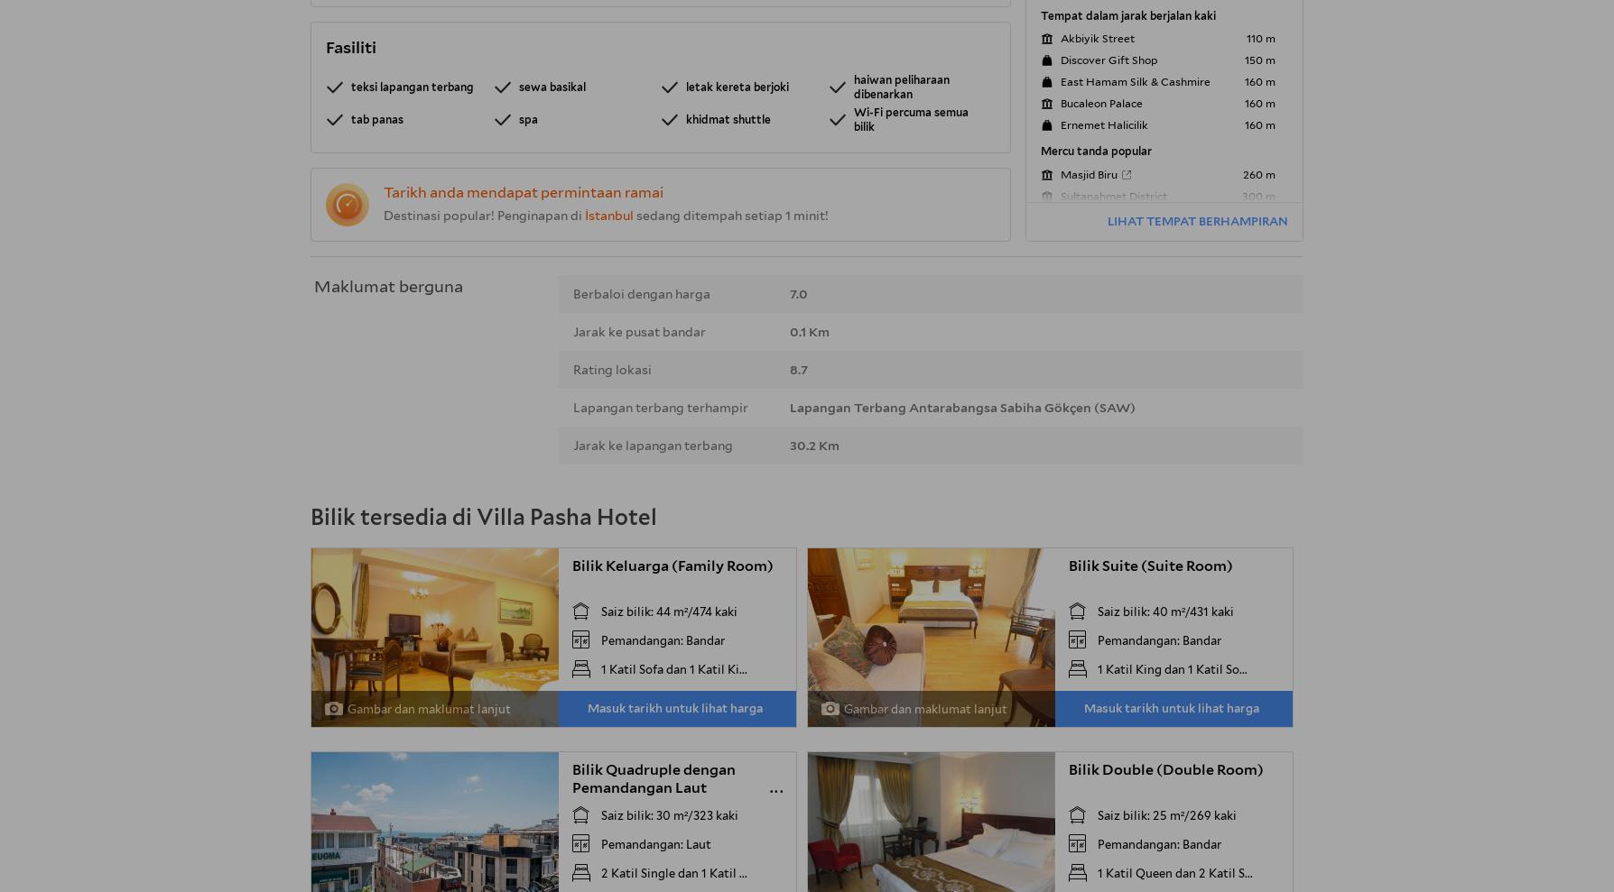  What do you see at coordinates (638, 331) in the screenshot?
I see `'Jarak ke pusat bandar'` at bounding box center [638, 331].